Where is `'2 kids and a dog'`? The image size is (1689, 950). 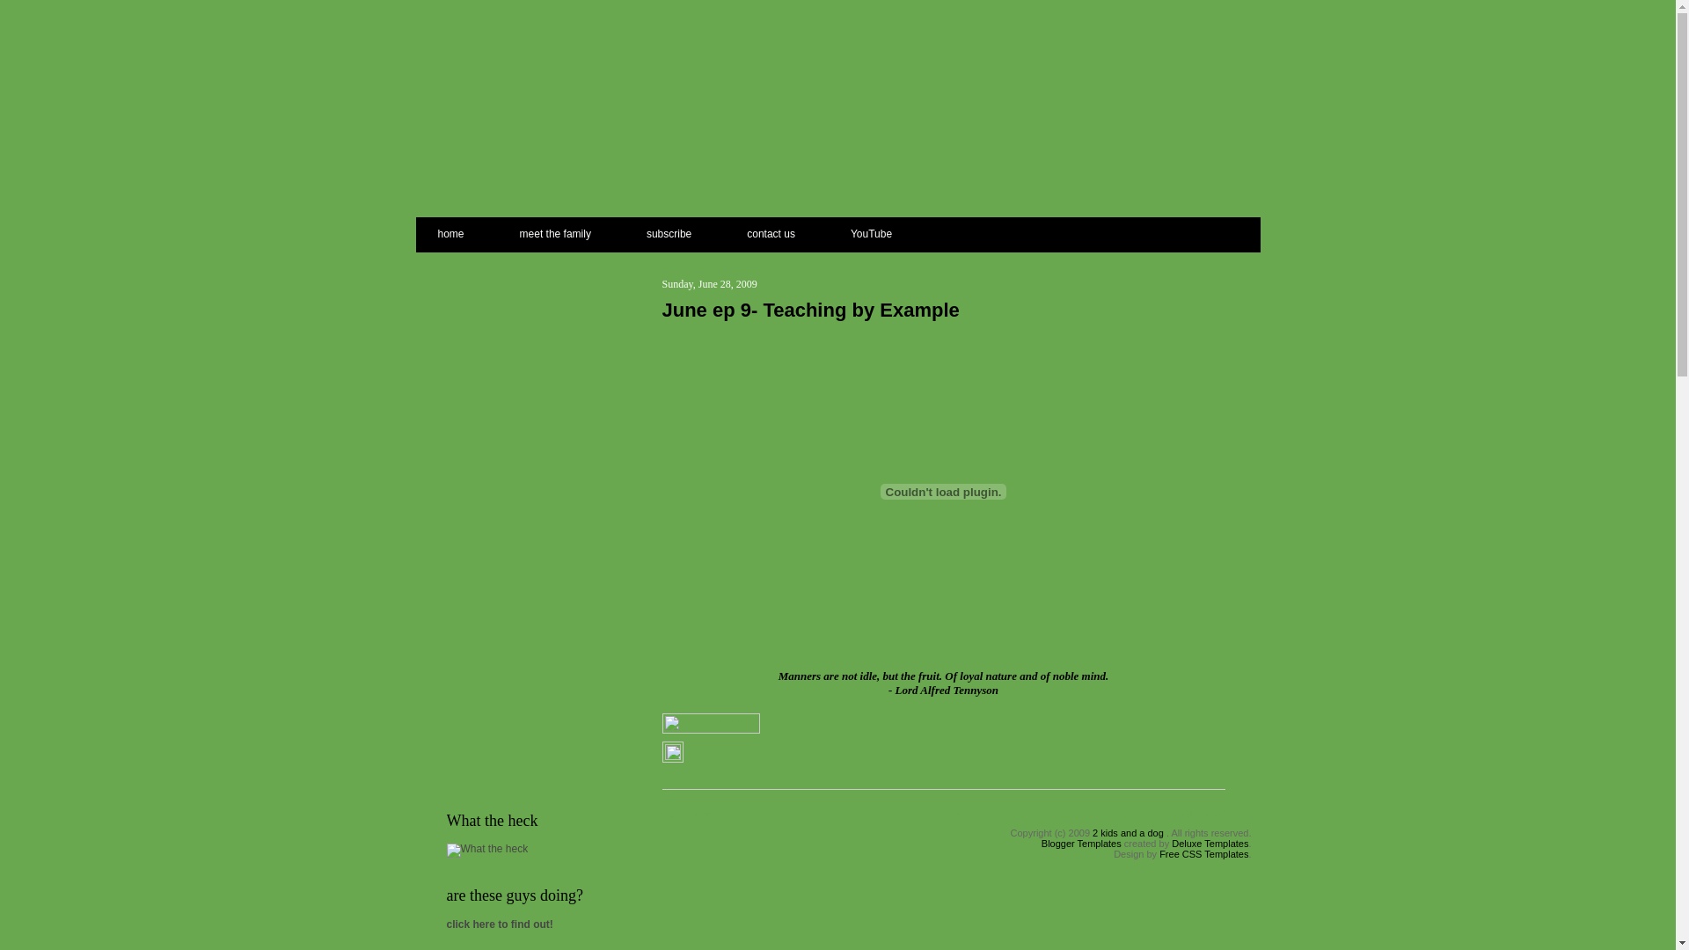
'2 kids and a dog' is located at coordinates (1128, 832).